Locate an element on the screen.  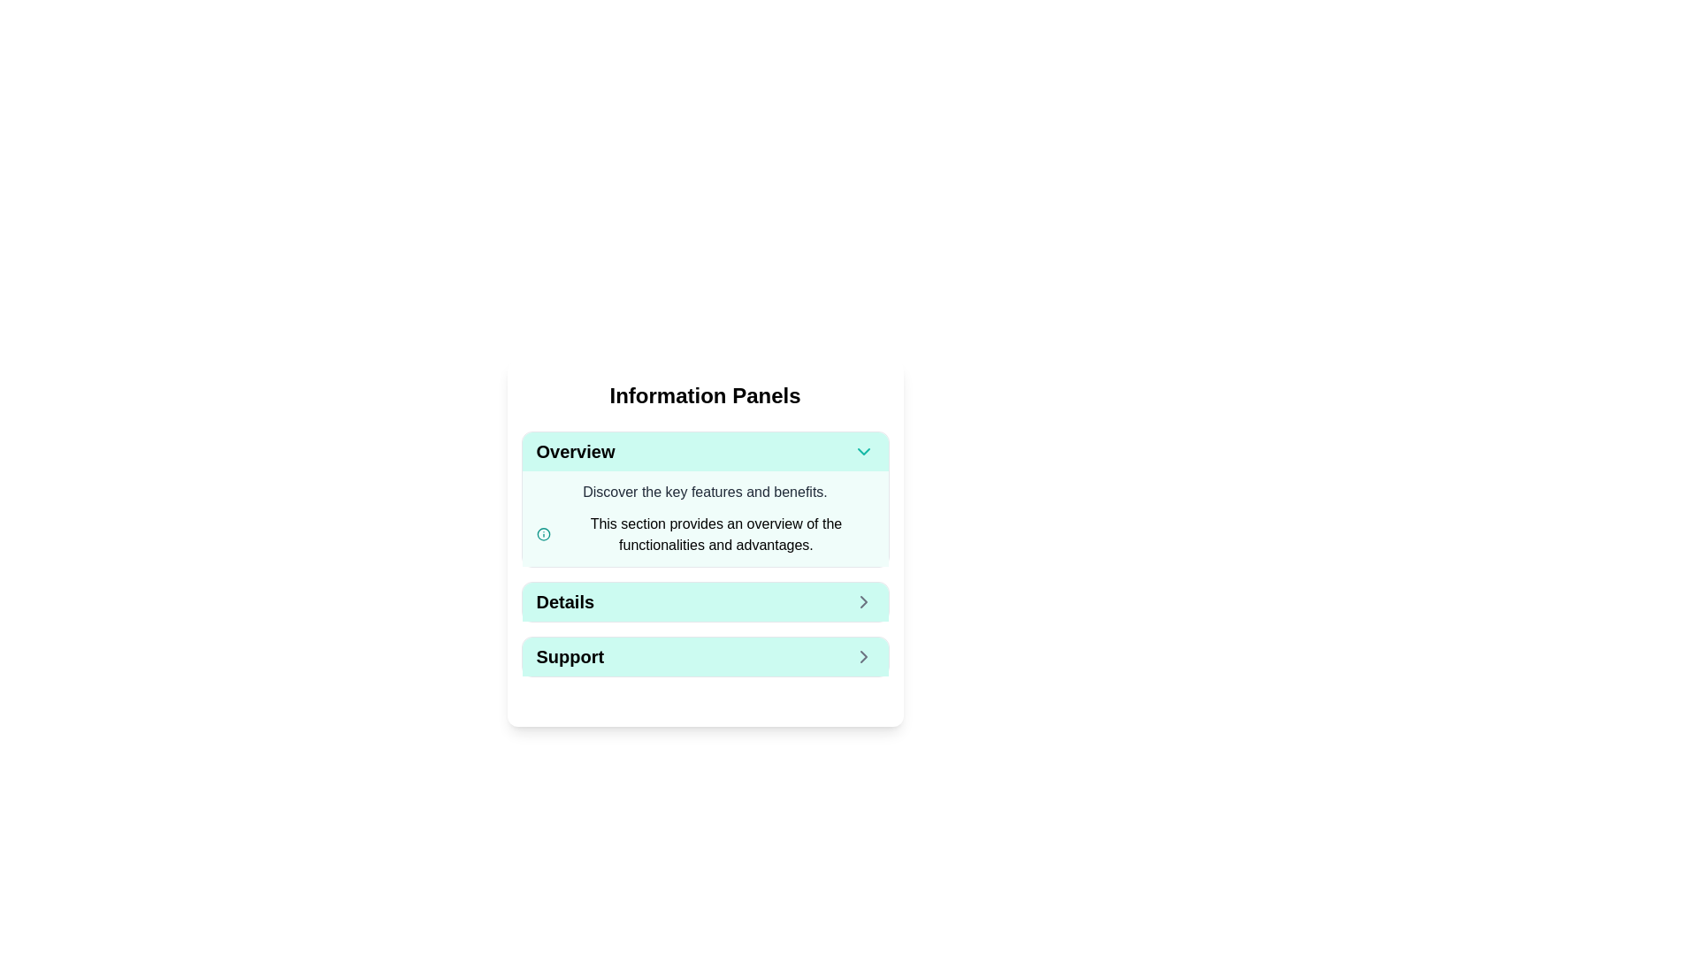
the static text element that provides key information in the 'Overview' section of the 'Information Panels' interface, which is the first visible text after the 'Overview' header is located at coordinates (704, 492).